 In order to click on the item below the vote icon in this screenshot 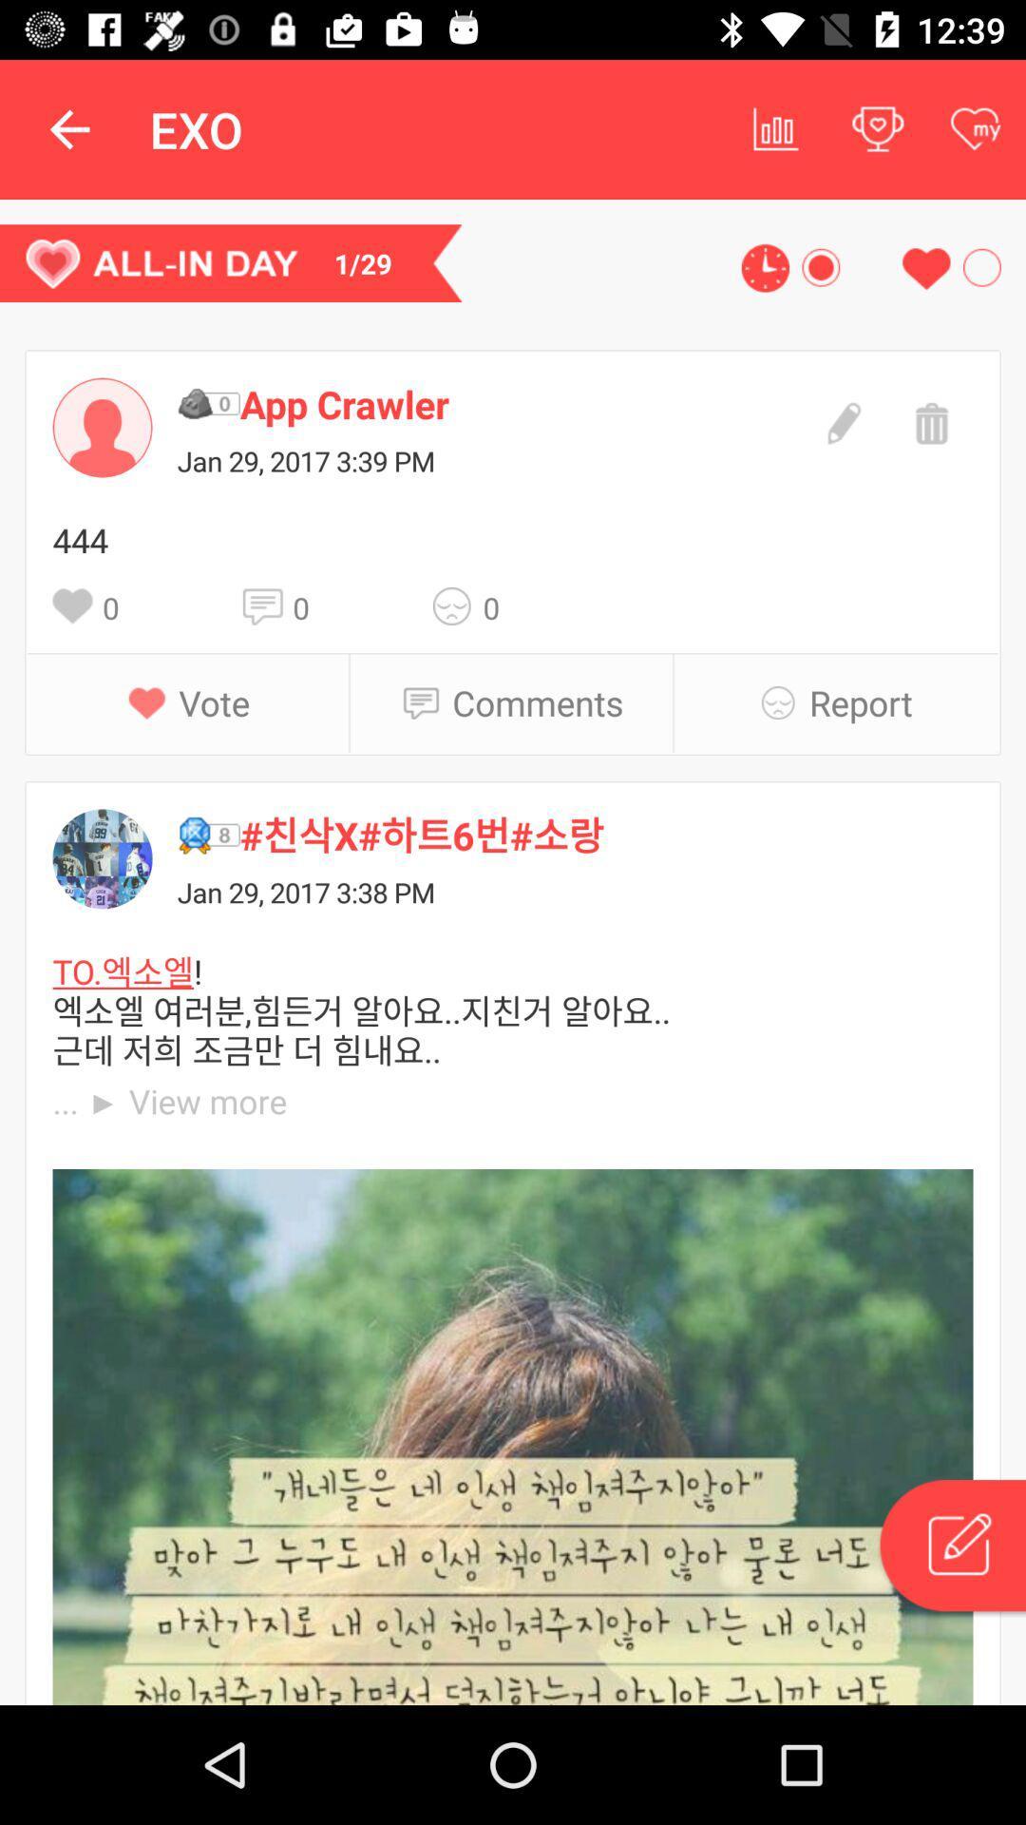, I will do `click(606, 835)`.